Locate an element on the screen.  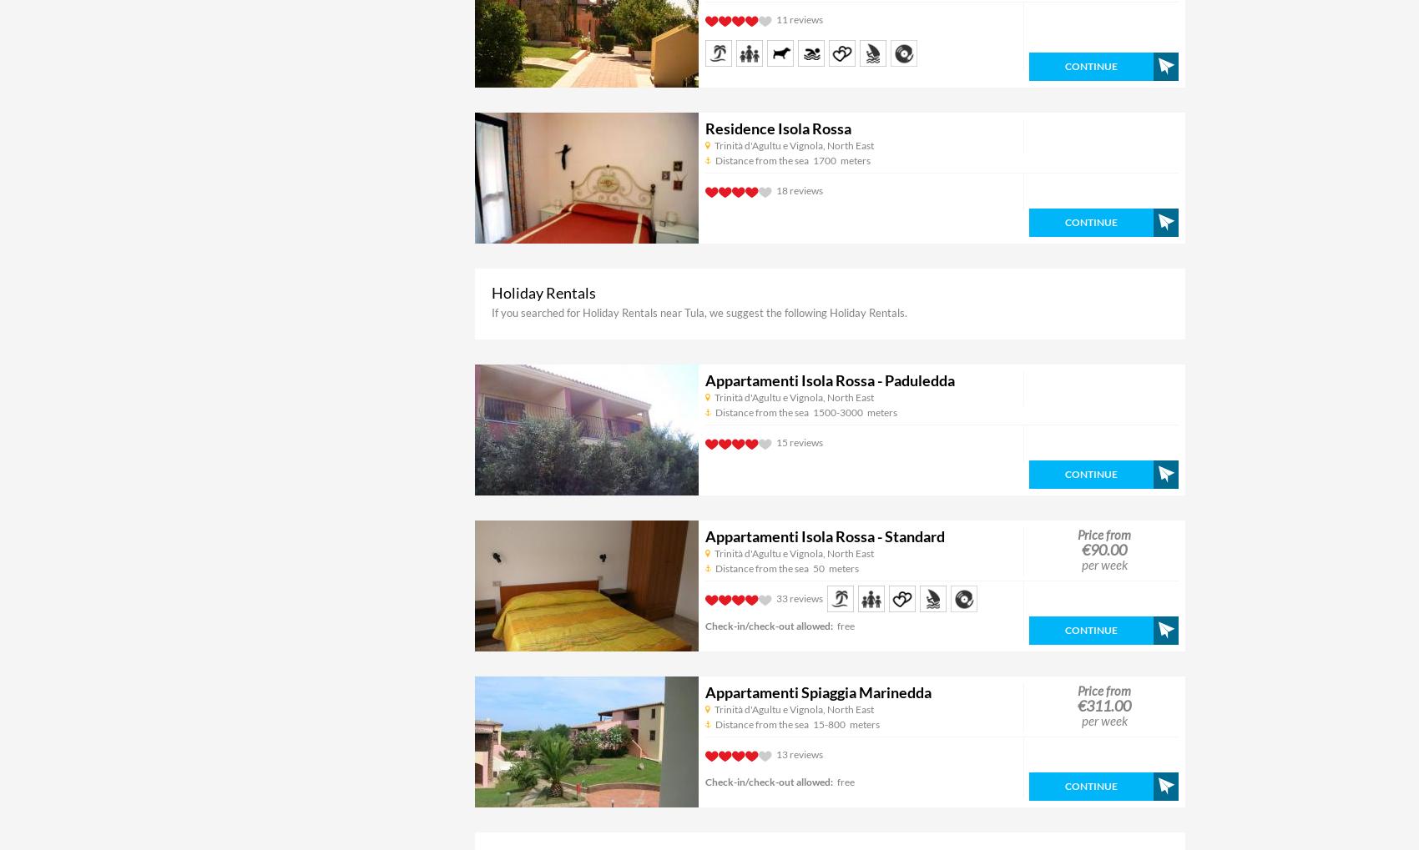
'Holiday Rentals' is located at coordinates (543, 293).